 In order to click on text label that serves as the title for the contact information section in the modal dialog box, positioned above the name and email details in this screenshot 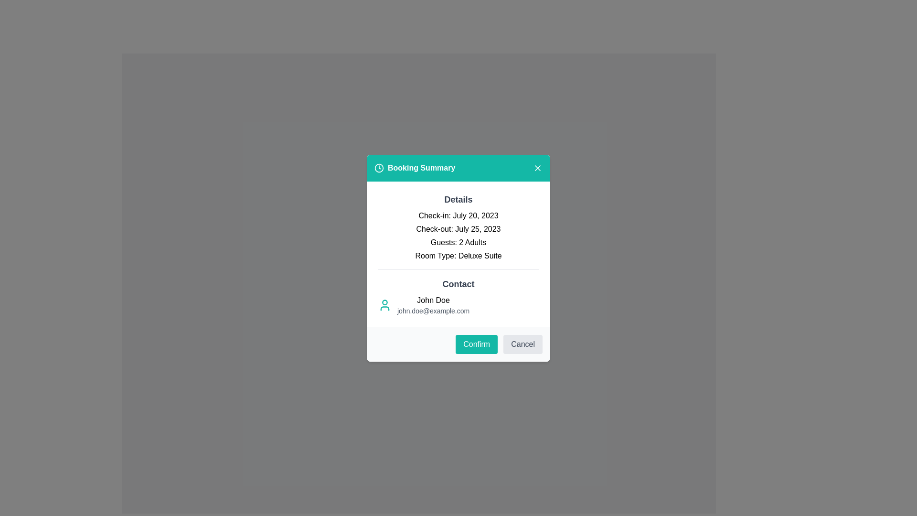, I will do `click(458, 283)`.